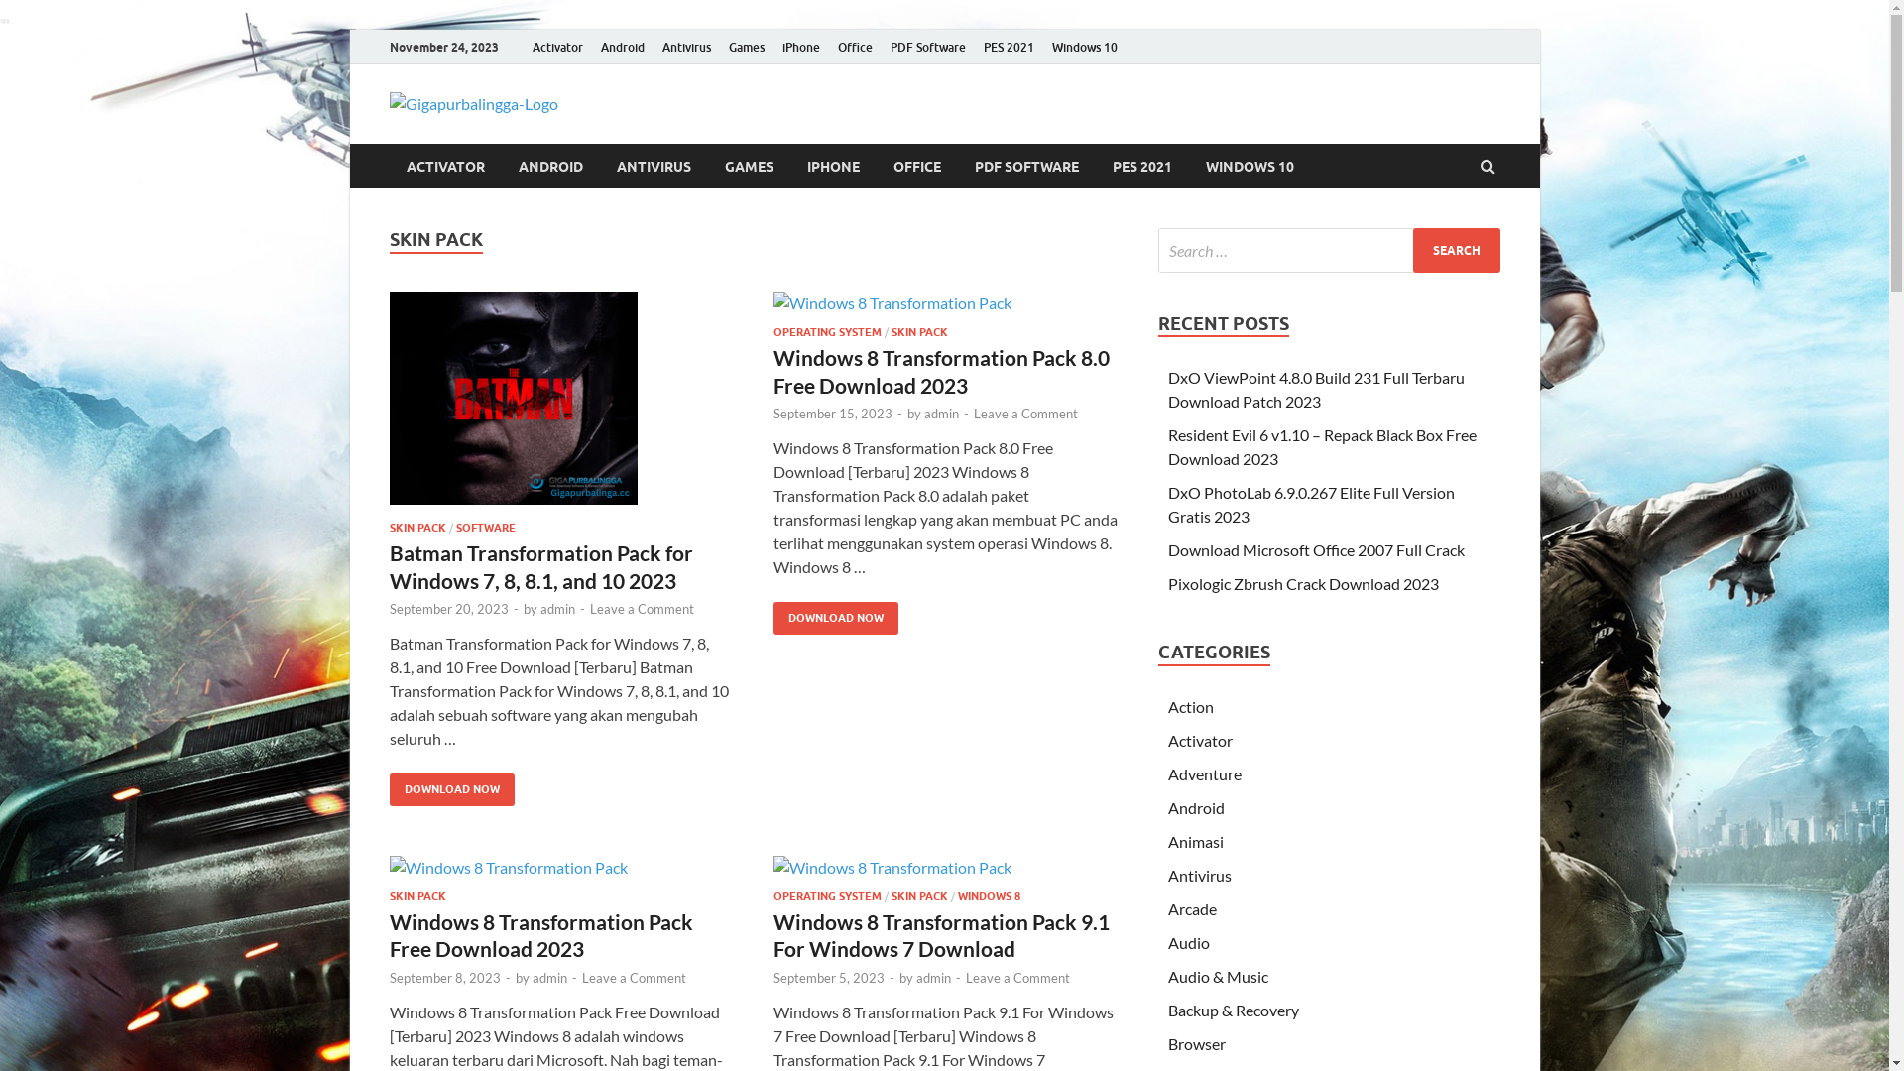 This screenshot has width=1904, height=1071. What do you see at coordinates (916, 165) in the screenshot?
I see `'OFFICE'` at bounding box center [916, 165].